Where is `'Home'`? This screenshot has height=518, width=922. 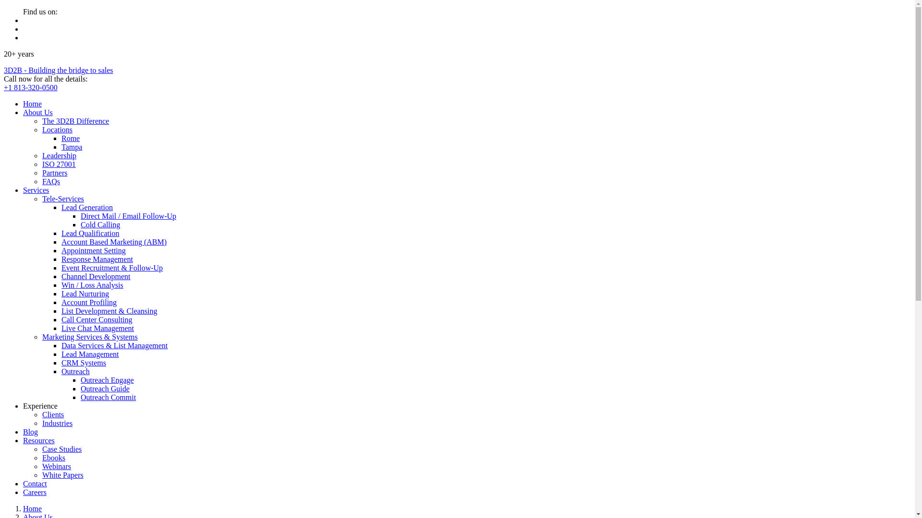
'Home' is located at coordinates (23, 104).